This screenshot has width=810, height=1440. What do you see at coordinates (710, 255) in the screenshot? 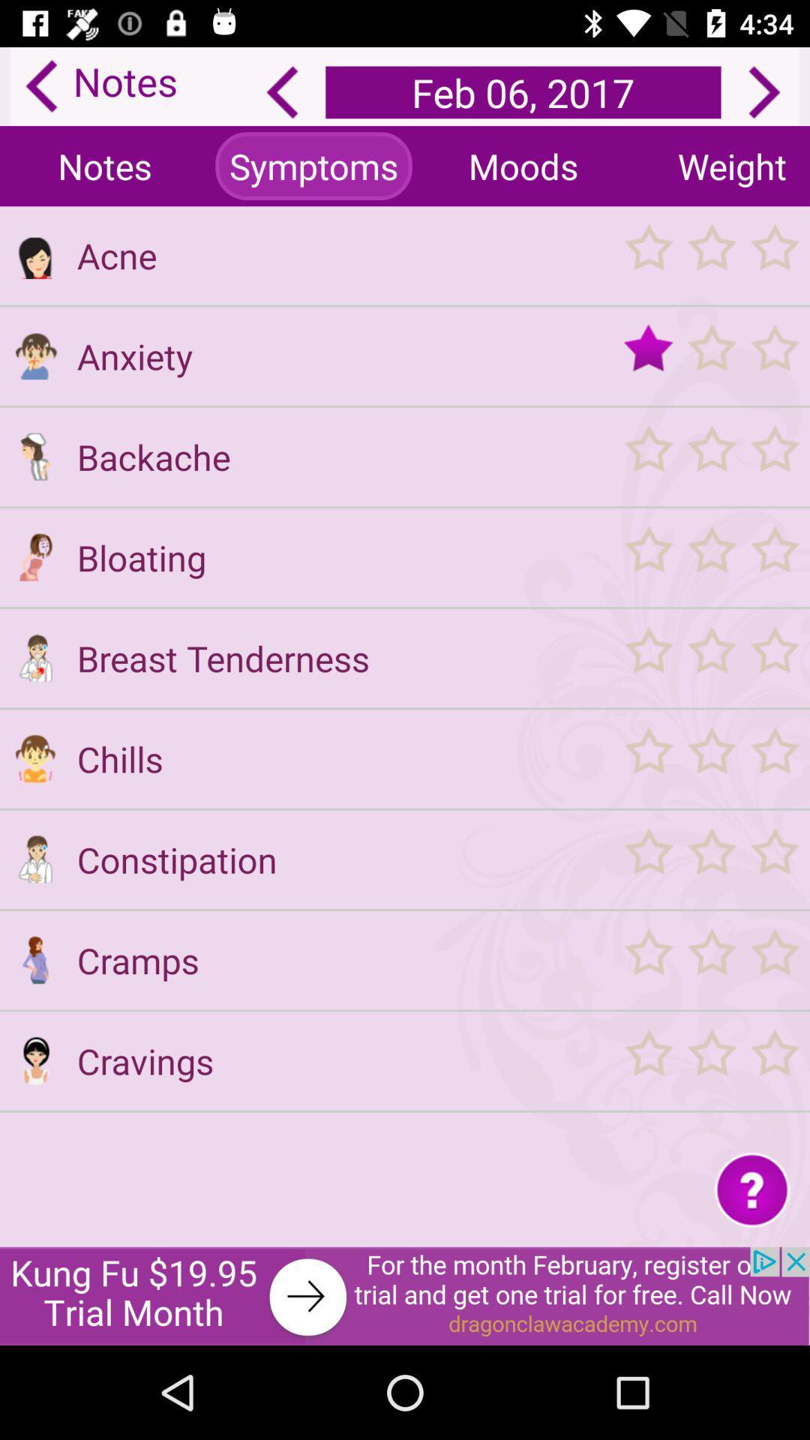
I see `rate section` at bounding box center [710, 255].